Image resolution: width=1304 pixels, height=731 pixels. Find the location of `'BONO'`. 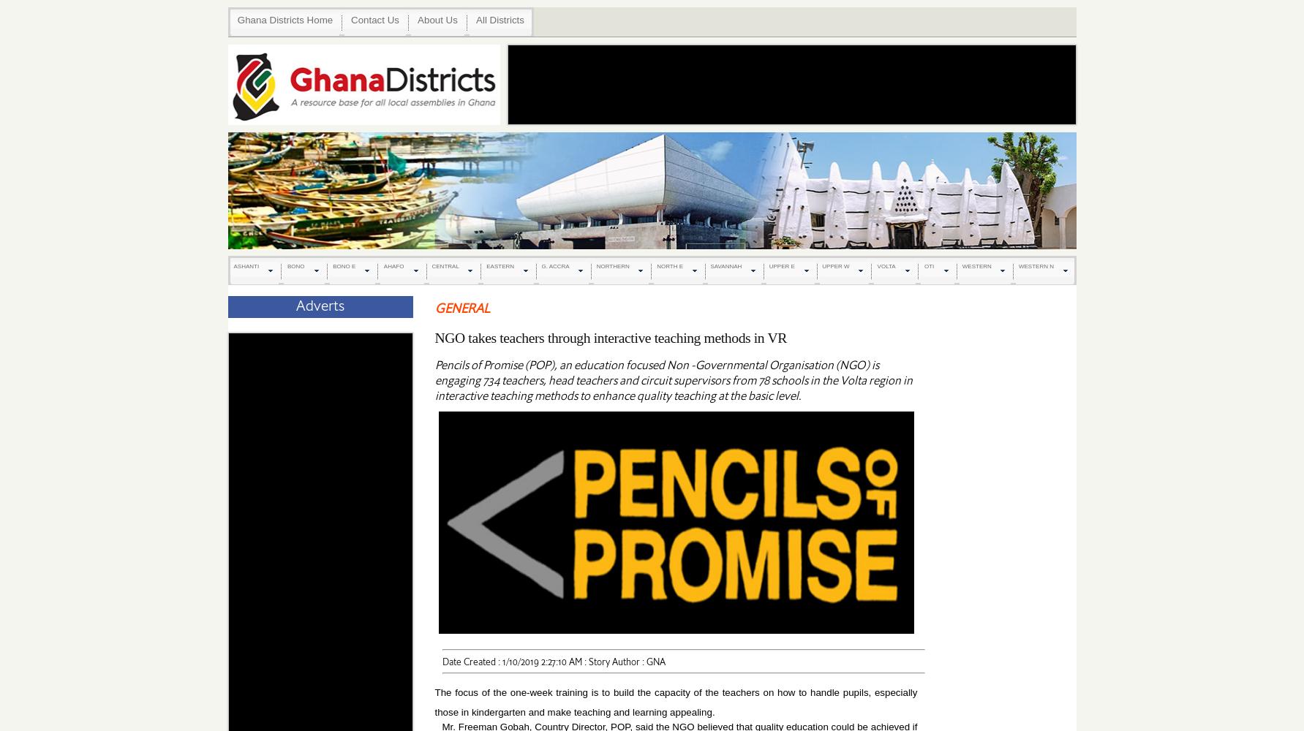

'BONO' is located at coordinates (295, 265).